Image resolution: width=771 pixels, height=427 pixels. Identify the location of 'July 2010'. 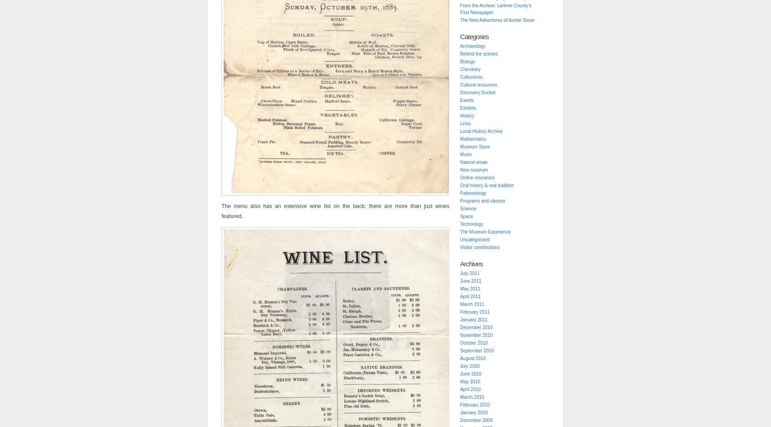
(469, 366).